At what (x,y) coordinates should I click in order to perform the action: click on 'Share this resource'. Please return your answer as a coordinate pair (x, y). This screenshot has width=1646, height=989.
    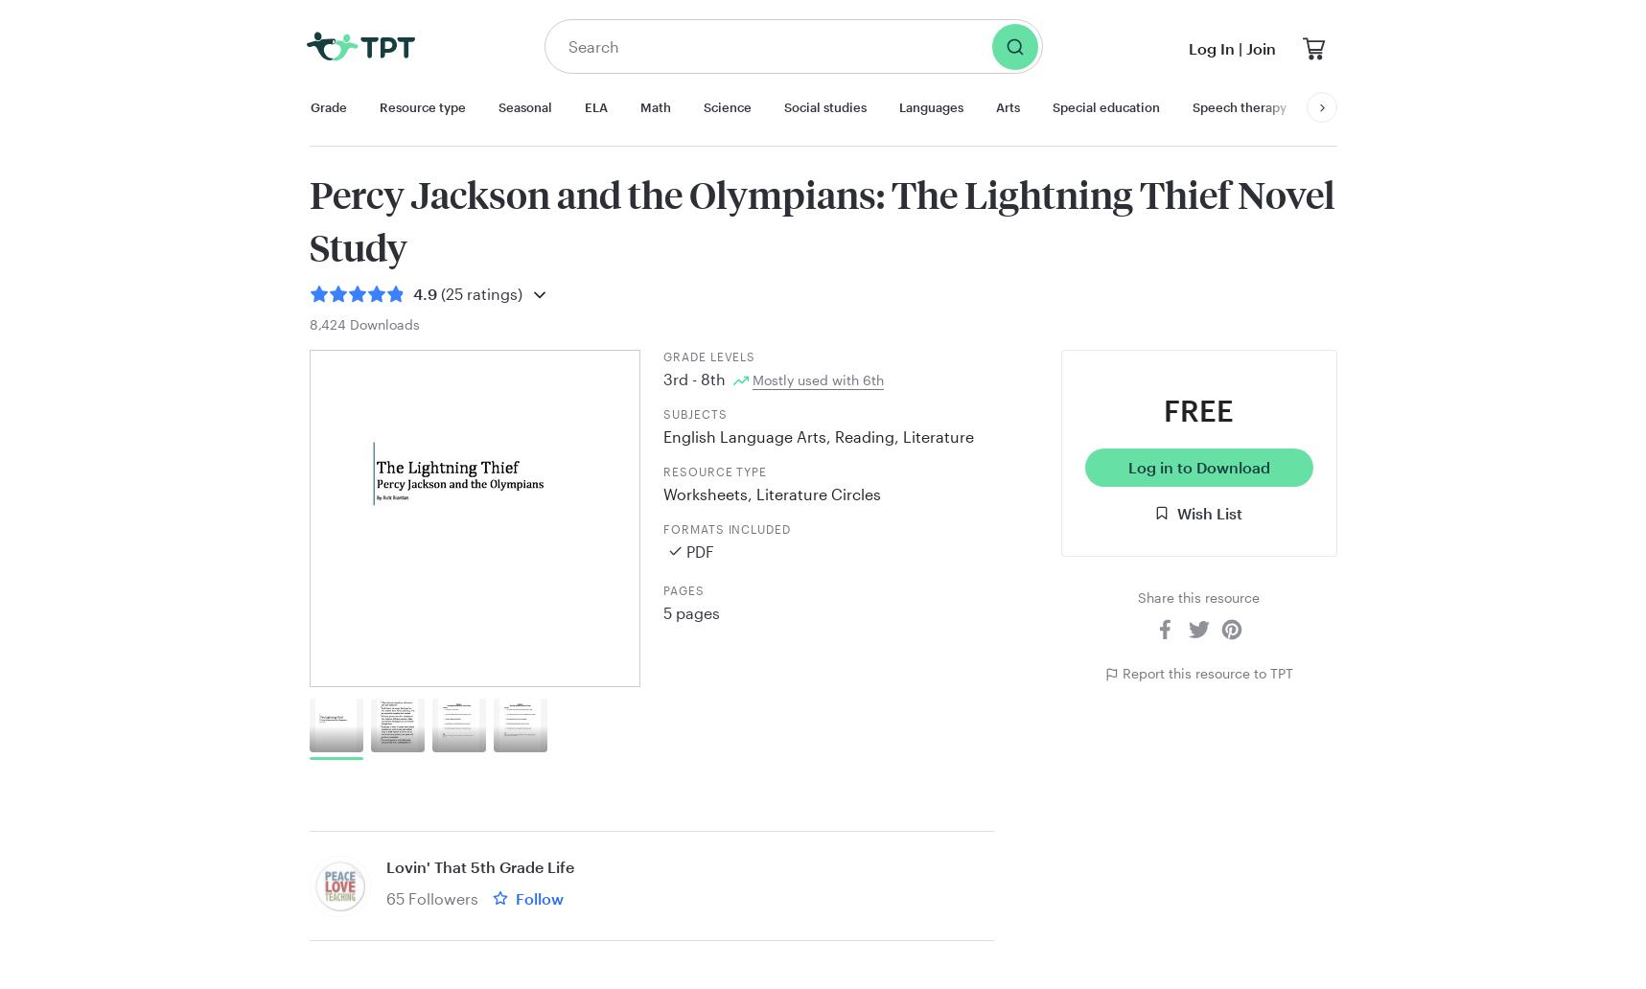
    Looking at the image, I should click on (1136, 596).